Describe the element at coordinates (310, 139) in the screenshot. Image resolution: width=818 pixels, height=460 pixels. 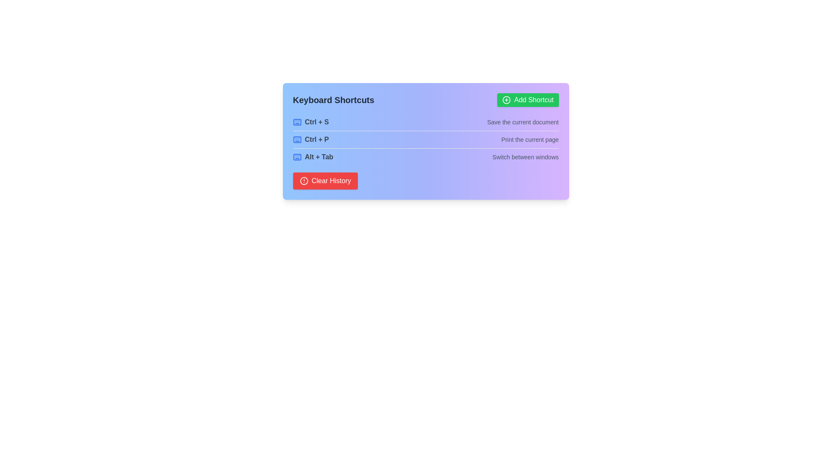
I see `displayed text of the keyboard shortcut instruction element, which indicates that pressing 'Ctrl + P' will execute a specific action related to printing` at that location.